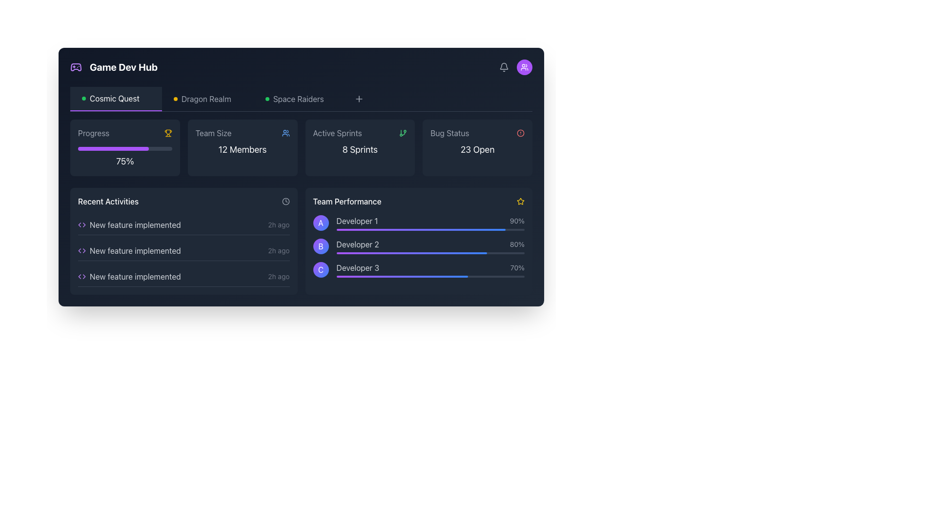 This screenshot has width=937, height=527. What do you see at coordinates (243, 149) in the screenshot?
I see `the Text label that indicates the size of the team, displaying the number of members, located in the 'Team Size' section of the top horizontal panel` at bounding box center [243, 149].